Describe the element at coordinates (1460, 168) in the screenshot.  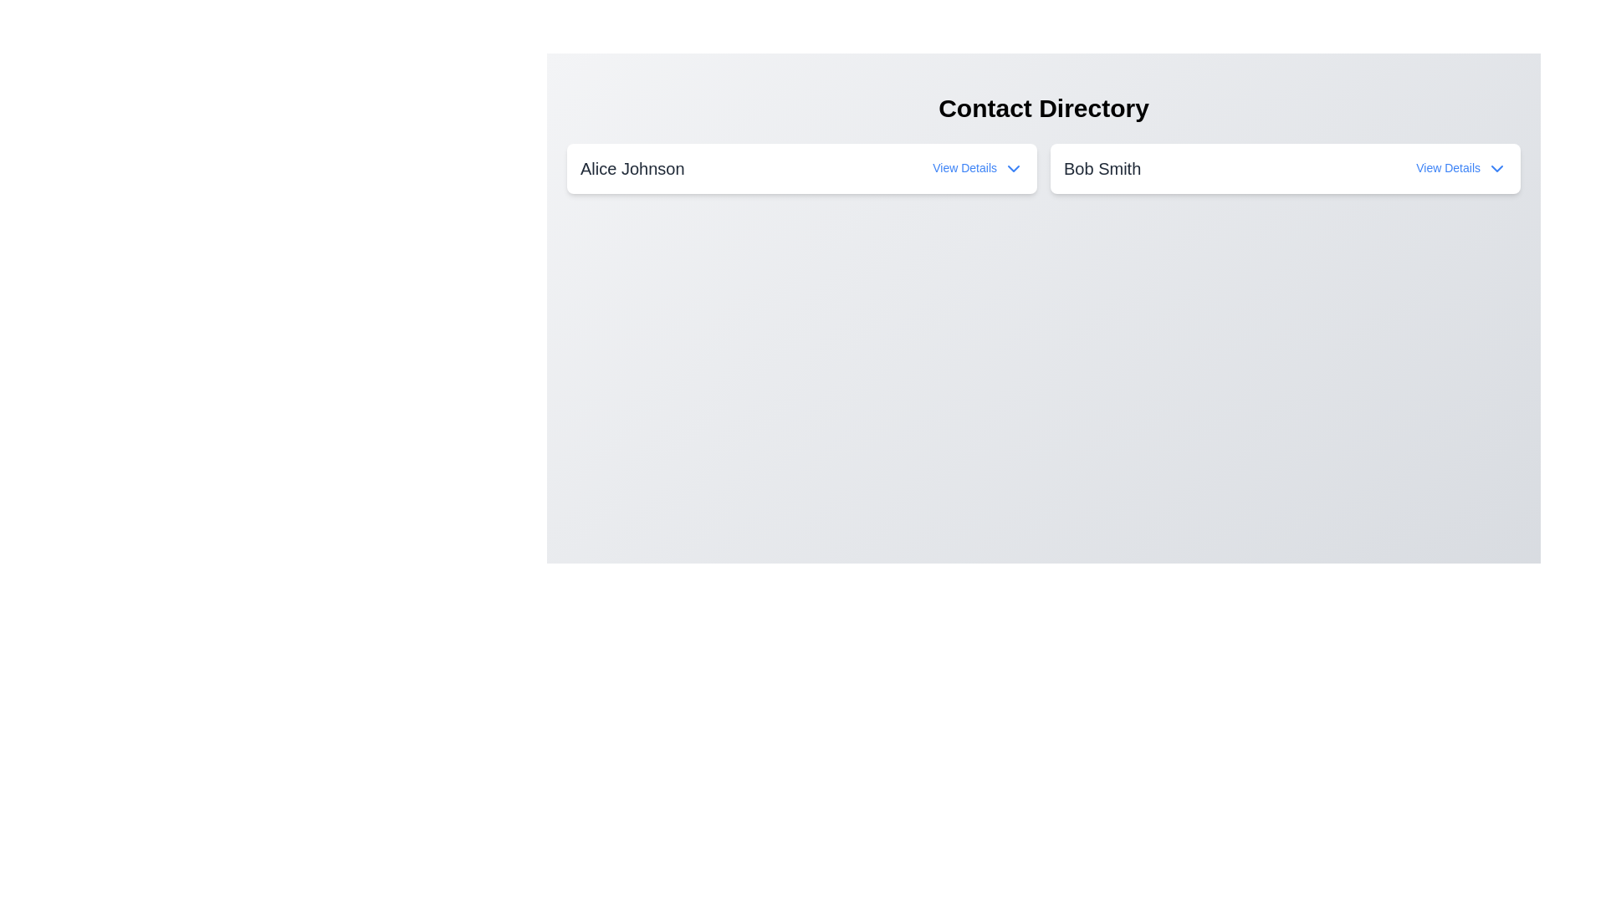
I see `the 'View Details' interactive link with a blue font and downward-facing chevron icon, located to the right of 'Bob Smith', to trigger a tooltip or style change` at that location.